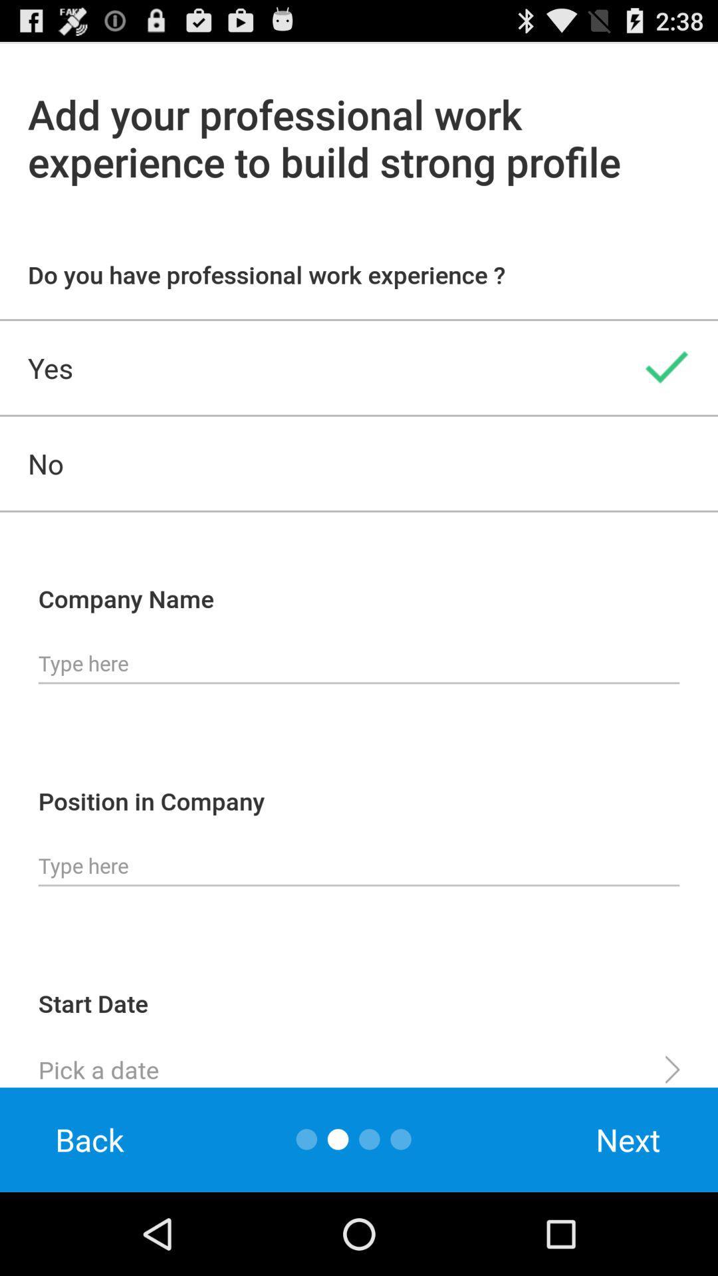 The height and width of the screenshot is (1276, 718). Describe the element at coordinates (359, 866) in the screenshot. I see `write your position in company` at that location.